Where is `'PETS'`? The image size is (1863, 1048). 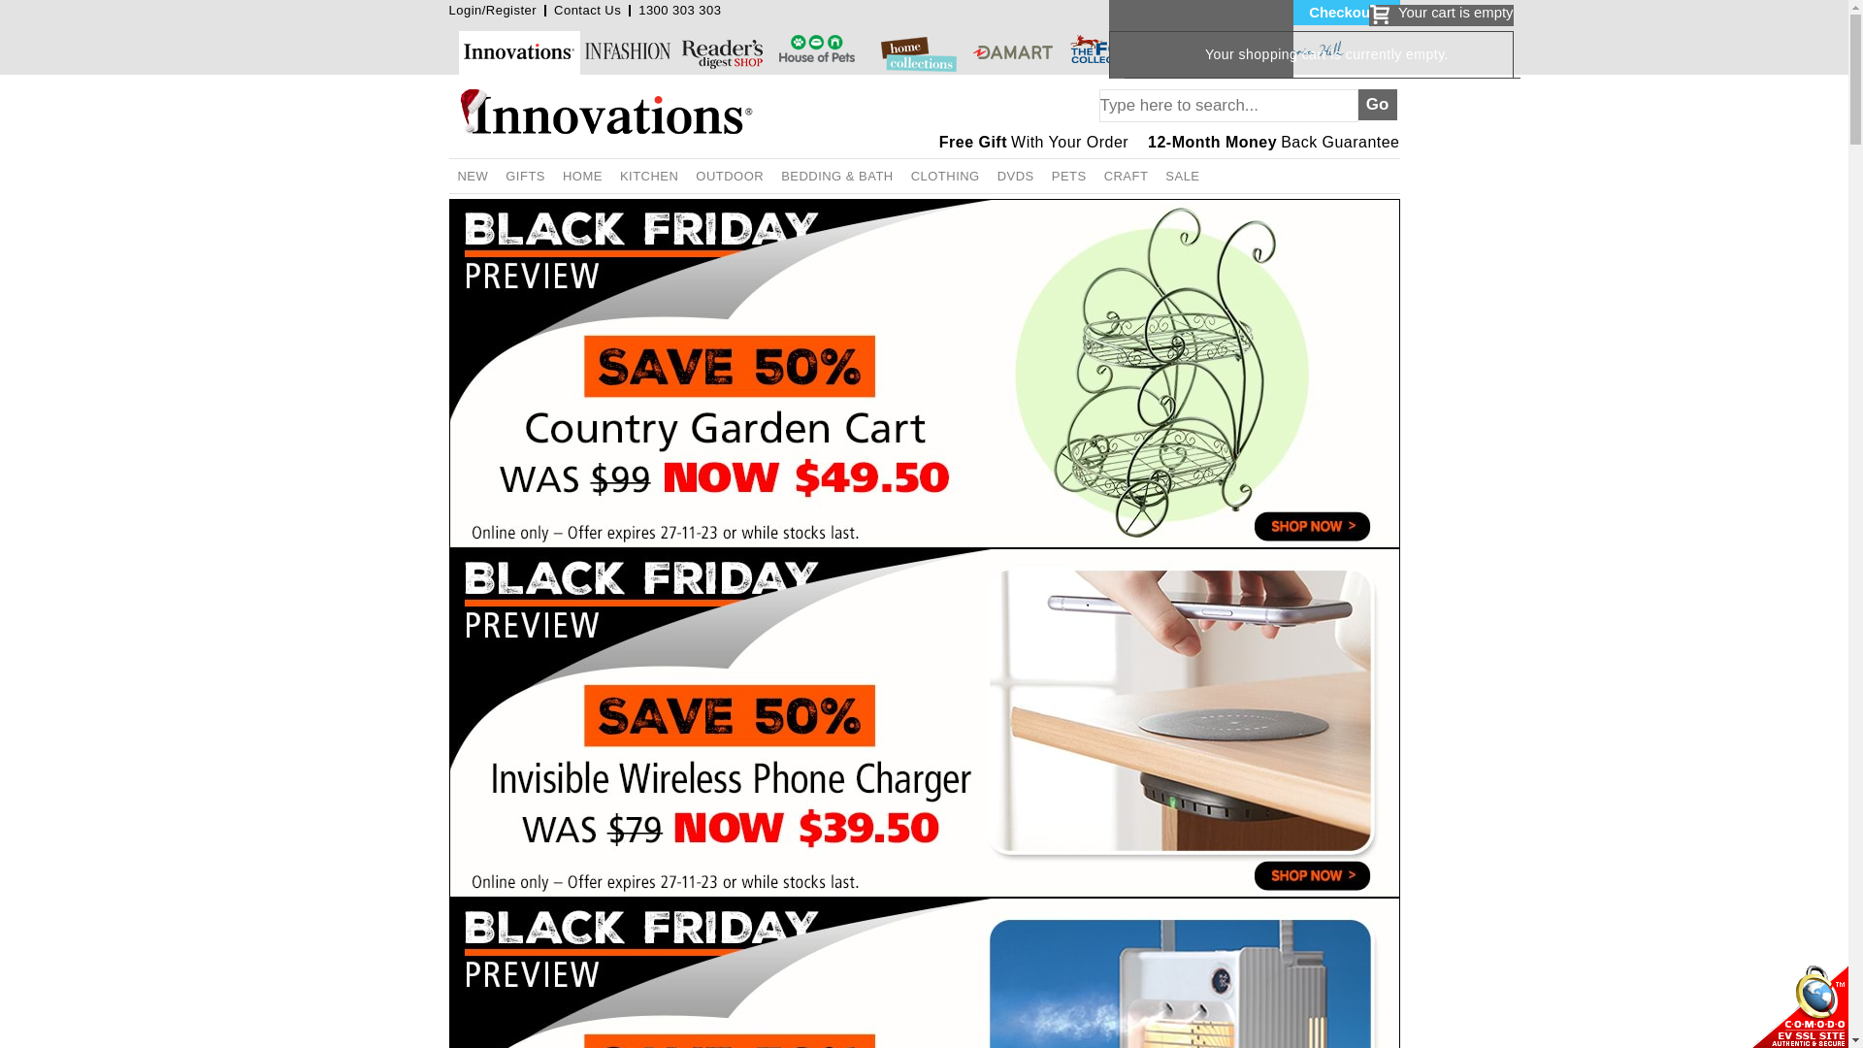
'PETS' is located at coordinates (1068, 176).